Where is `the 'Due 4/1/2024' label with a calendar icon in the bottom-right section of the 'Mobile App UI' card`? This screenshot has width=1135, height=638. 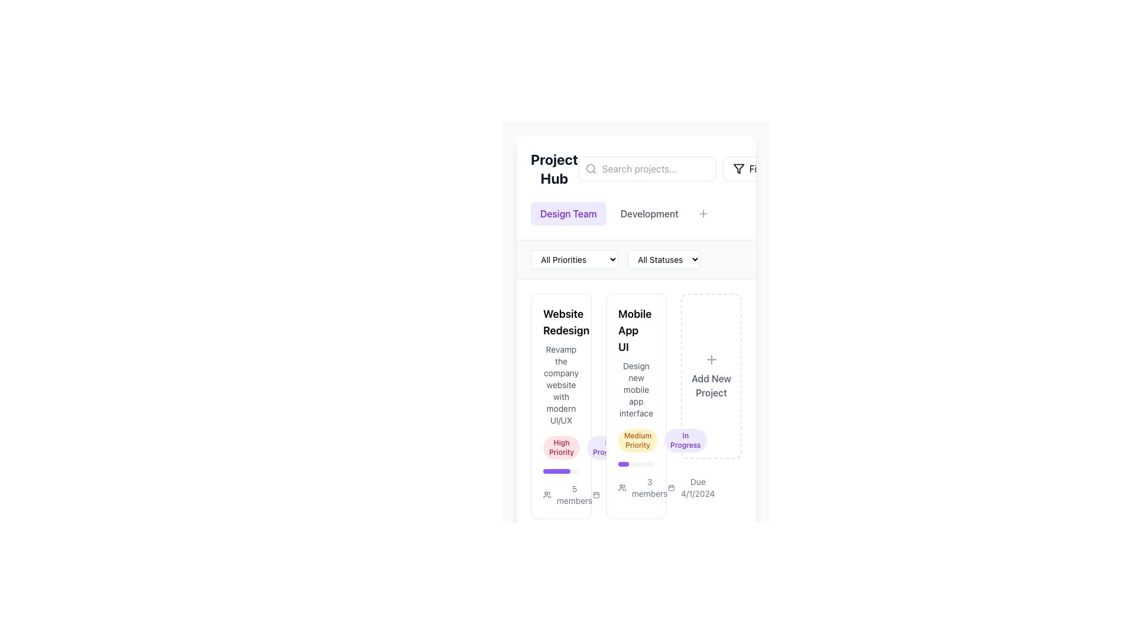
the 'Due 4/1/2024' label with a calendar icon in the bottom-right section of the 'Mobile App UI' card is located at coordinates (692, 487).